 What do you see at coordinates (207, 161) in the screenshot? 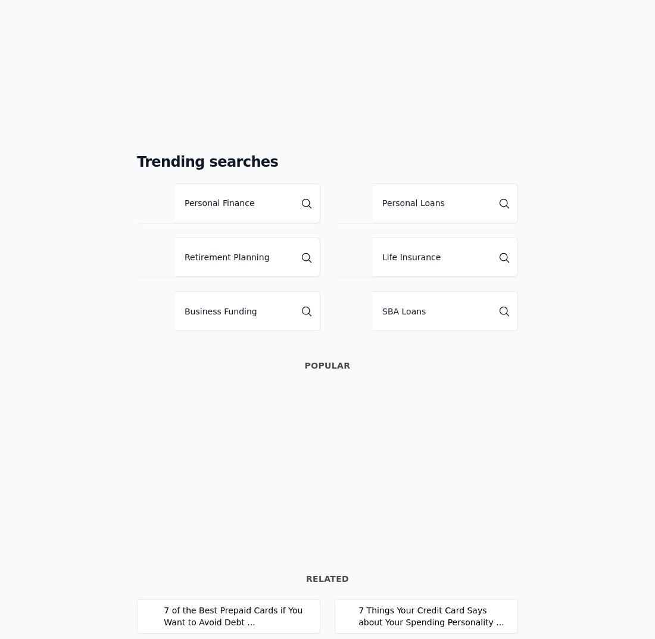
I see `'Trending searches'` at bounding box center [207, 161].